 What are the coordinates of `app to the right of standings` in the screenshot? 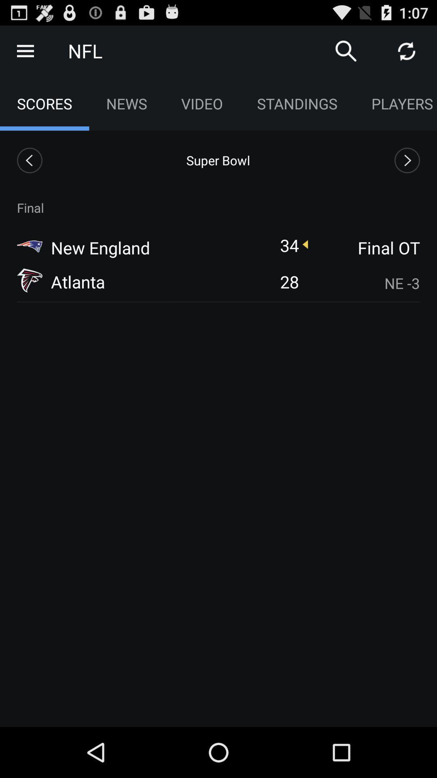 It's located at (395, 103).